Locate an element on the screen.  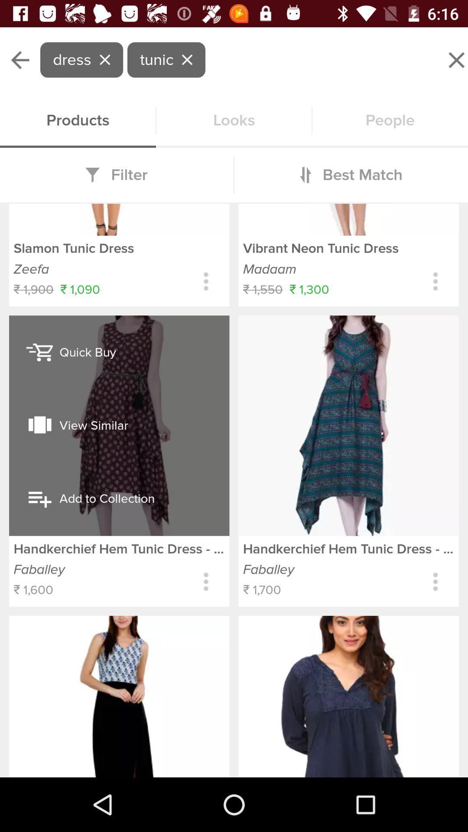
product details is located at coordinates (234, 462).